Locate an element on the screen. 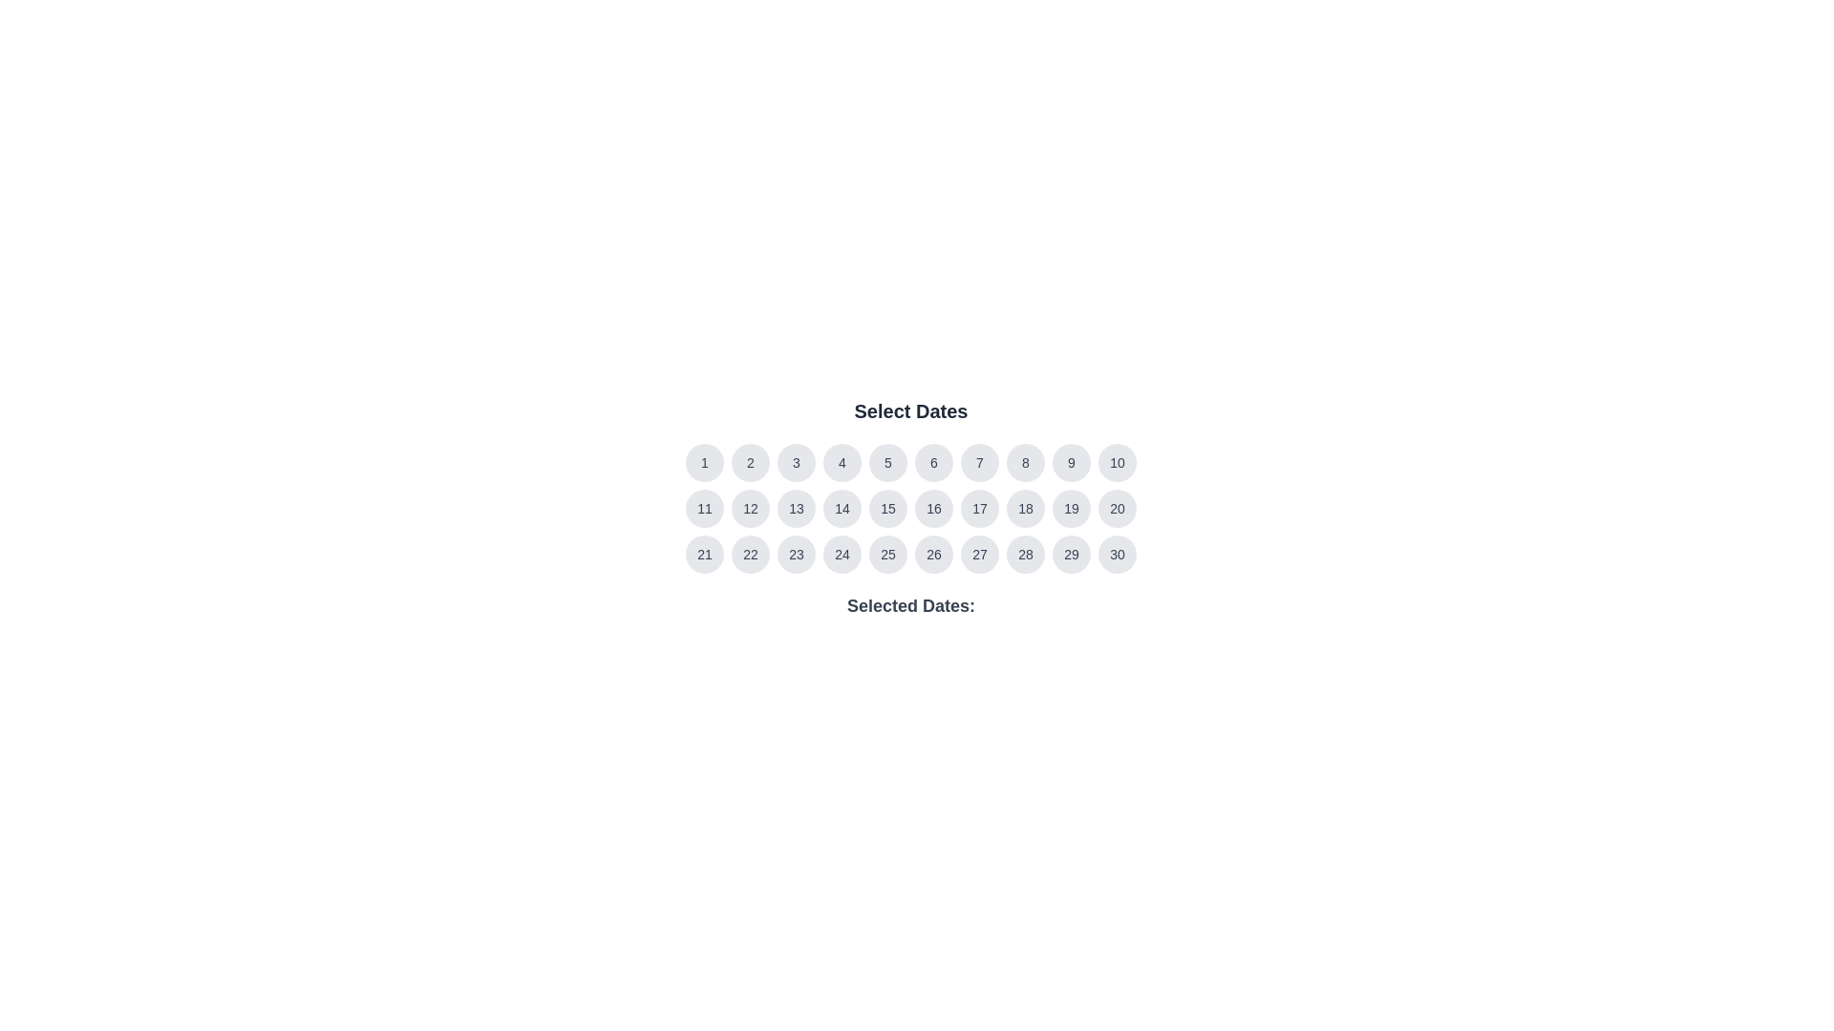 This screenshot has width=1834, height=1031. the button that allows the user is located at coordinates (750, 463).